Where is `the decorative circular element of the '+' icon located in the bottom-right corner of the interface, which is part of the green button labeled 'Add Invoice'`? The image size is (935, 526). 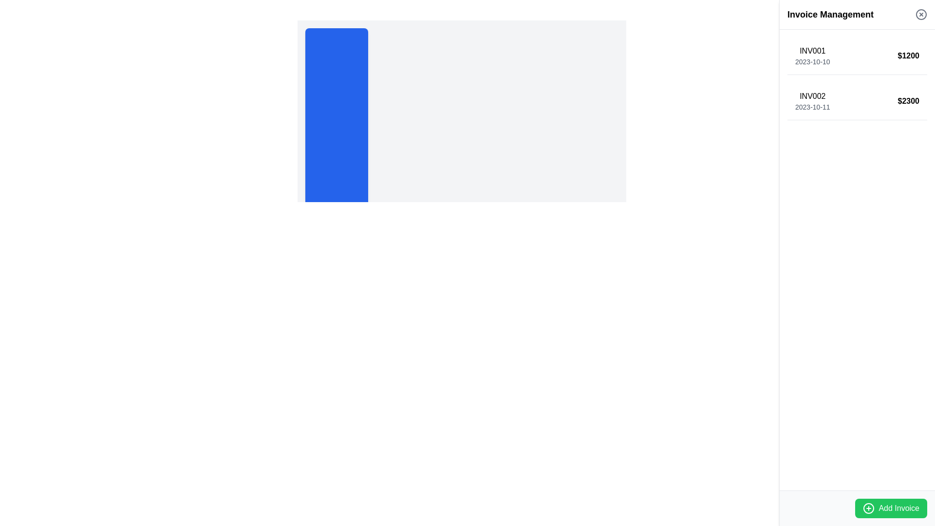
the decorative circular element of the '+' icon located in the bottom-right corner of the interface, which is part of the green button labeled 'Add Invoice' is located at coordinates (869, 508).